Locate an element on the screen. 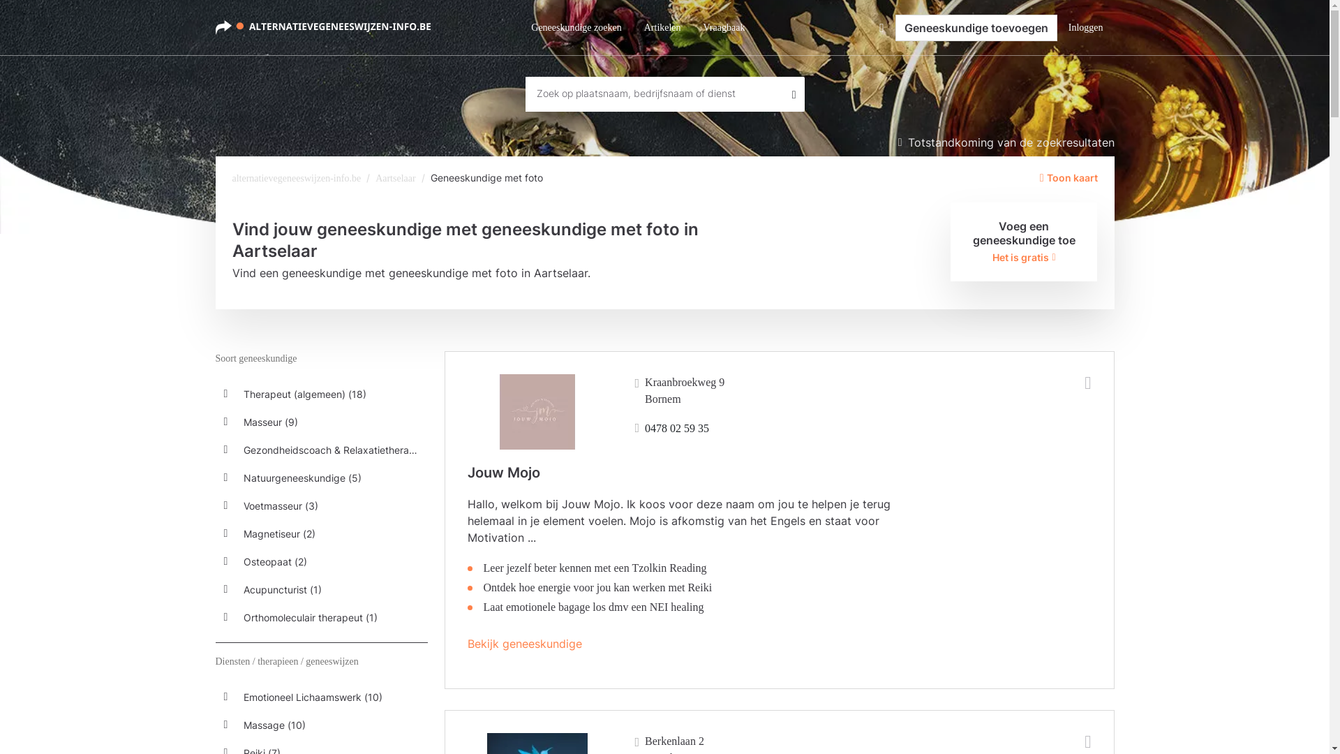 The width and height of the screenshot is (1340, 754). 'Jouw Mojo' is located at coordinates (502, 472).